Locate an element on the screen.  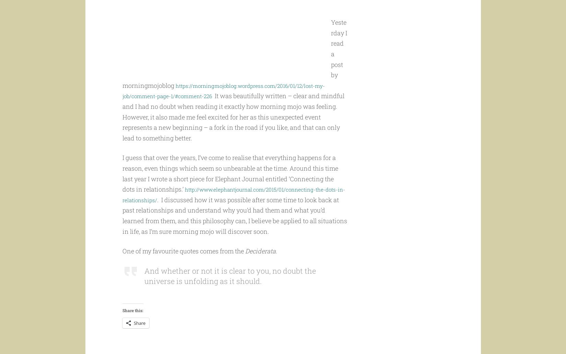
'And whether or not it is clear to you, no doubt the universe is unfolding as it should.' is located at coordinates (229, 289).